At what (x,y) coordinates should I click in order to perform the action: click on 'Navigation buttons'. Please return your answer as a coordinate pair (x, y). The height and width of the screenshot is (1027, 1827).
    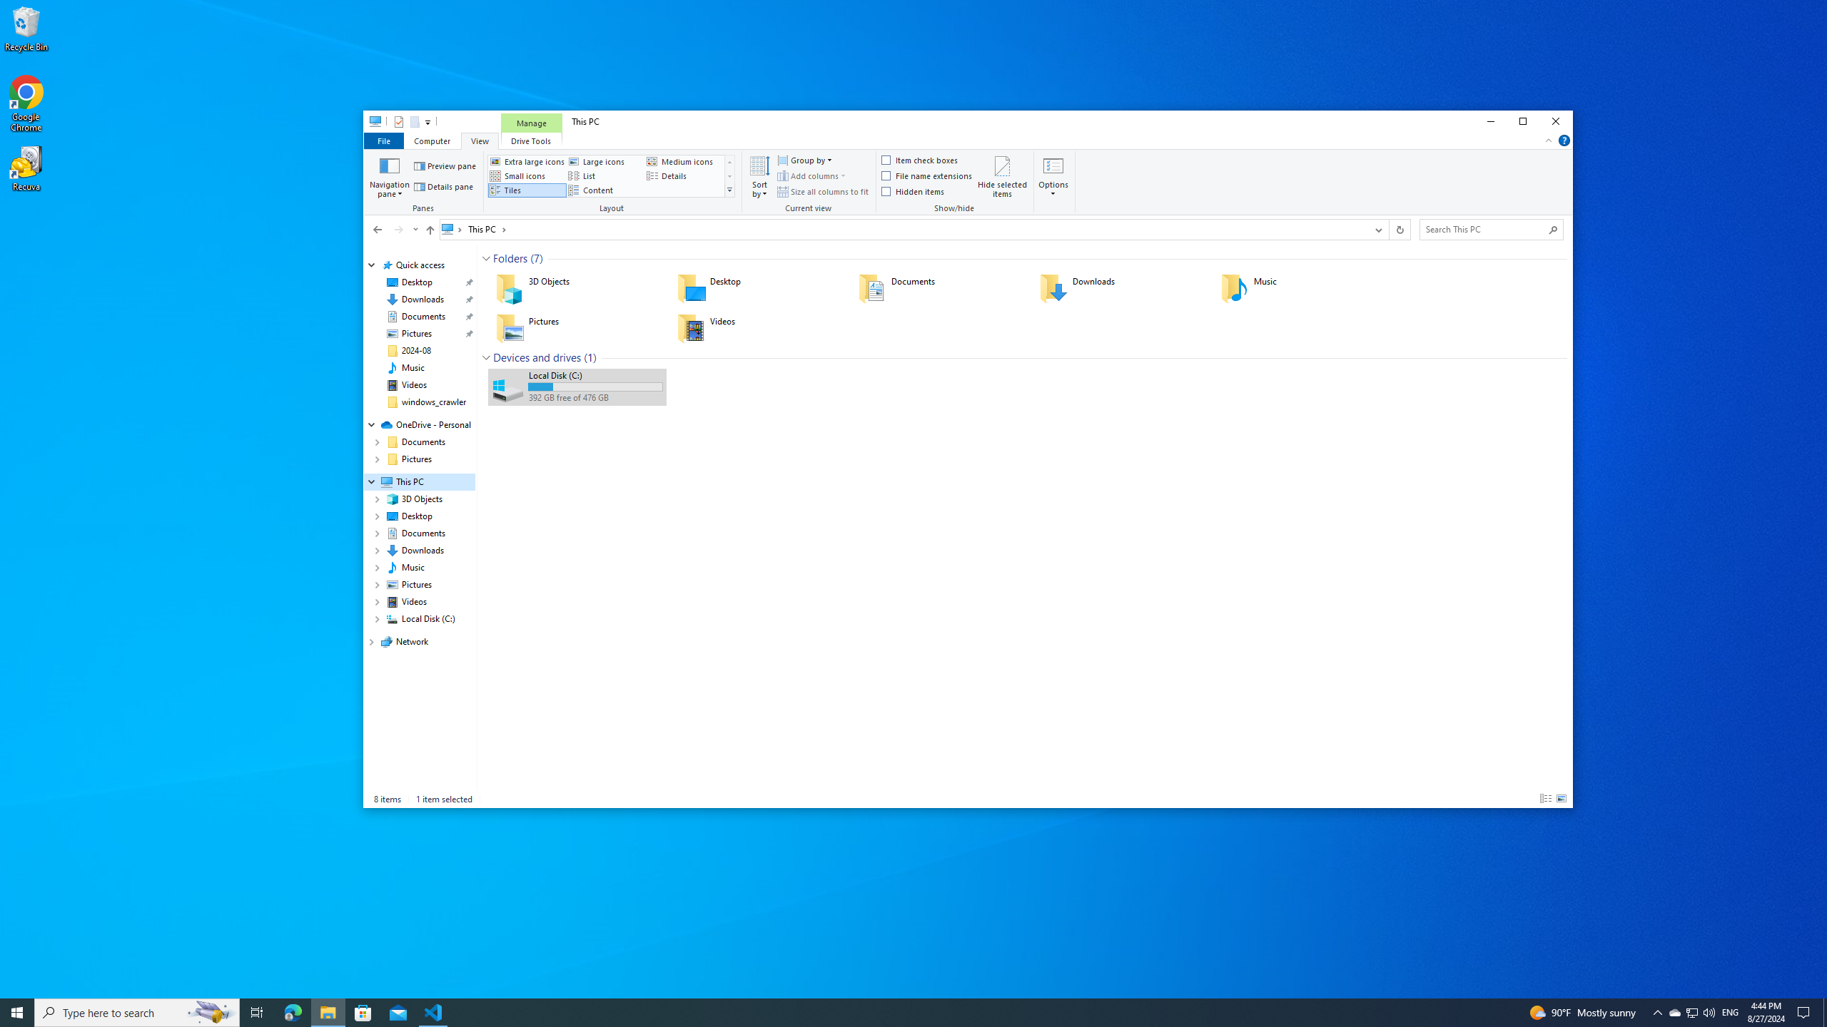
    Looking at the image, I should click on (393, 229).